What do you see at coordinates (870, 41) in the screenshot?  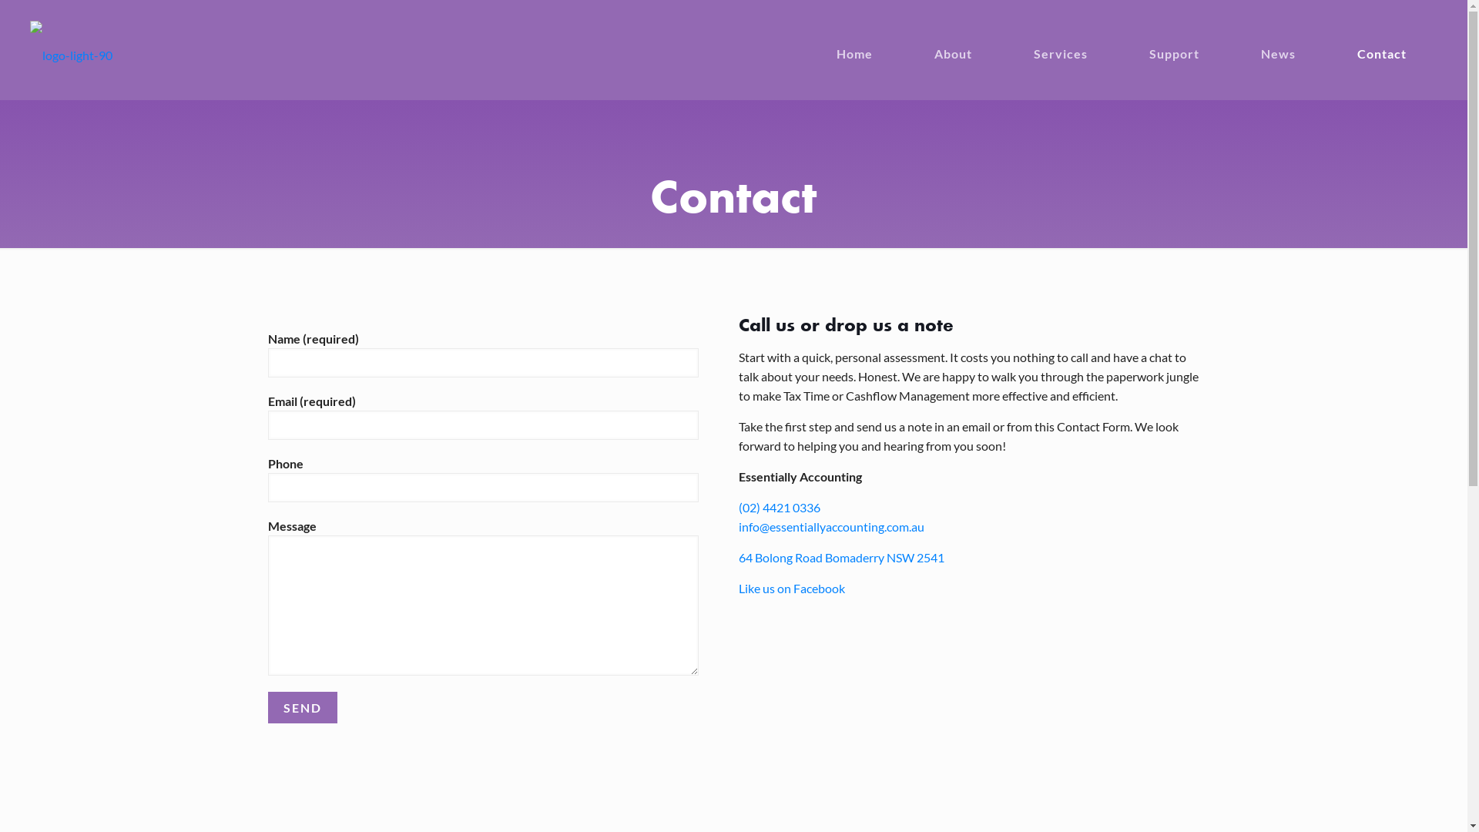 I see `'Home'` at bounding box center [870, 41].